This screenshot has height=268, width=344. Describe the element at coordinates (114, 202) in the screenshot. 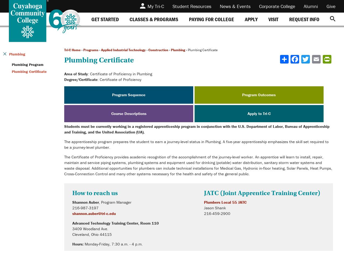

I see `', Program Manager'` at that location.